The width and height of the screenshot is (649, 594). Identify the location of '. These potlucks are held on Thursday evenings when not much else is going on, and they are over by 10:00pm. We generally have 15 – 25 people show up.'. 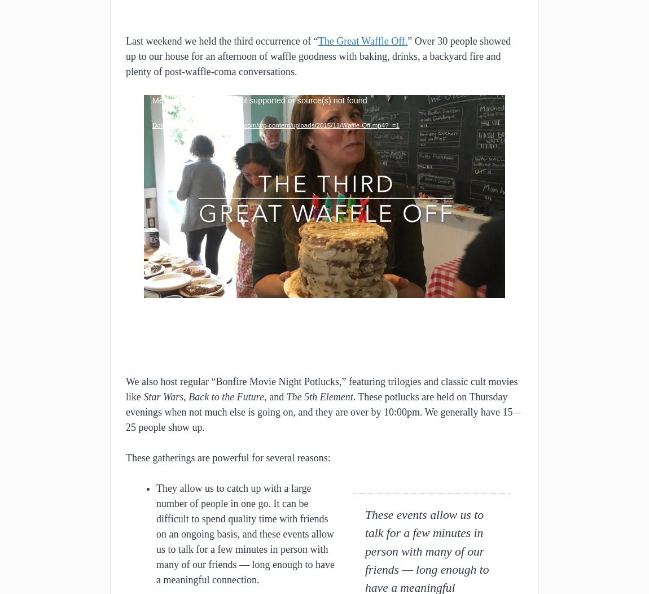
(125, 412).